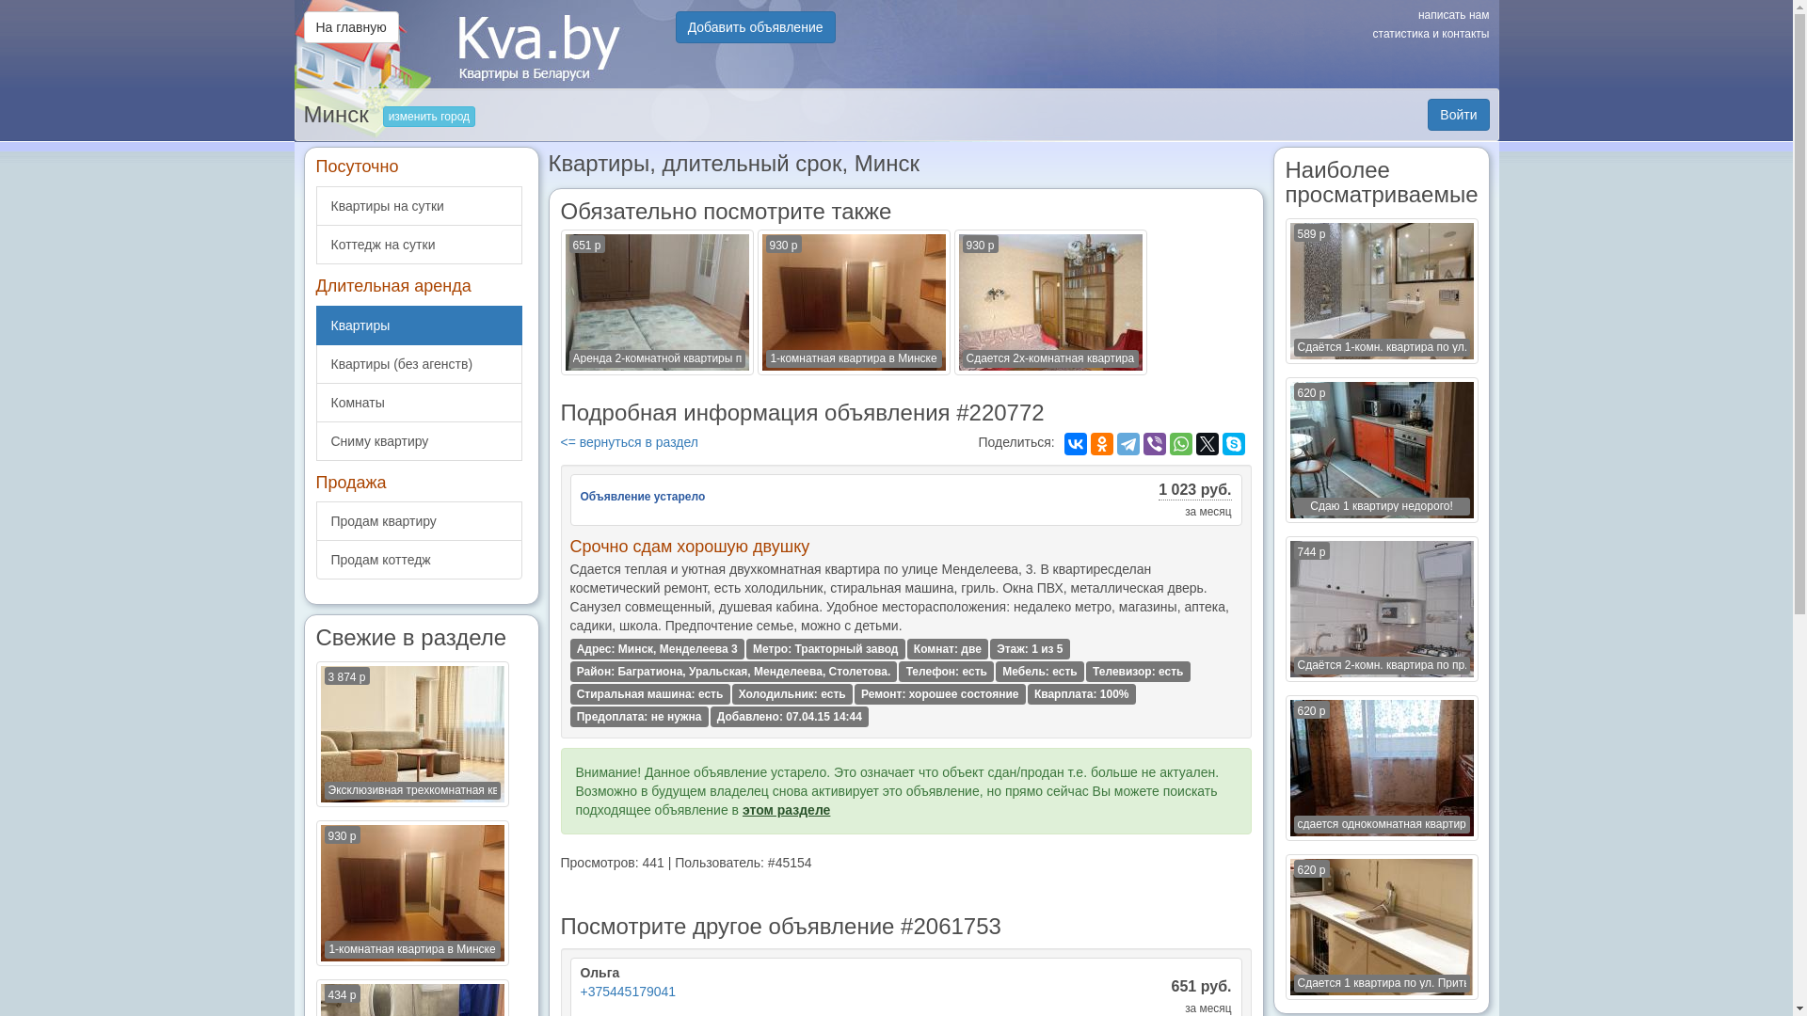  I want to click on 'Skype', so click(1233, 443).